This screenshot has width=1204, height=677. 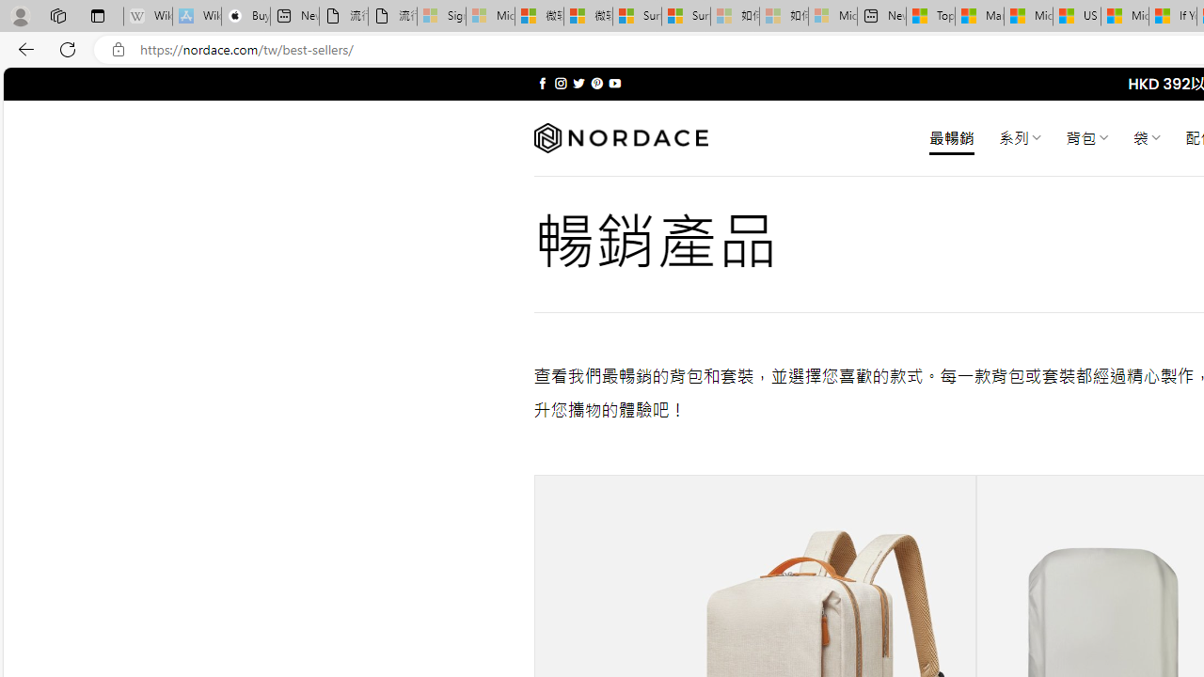 I want to click on 'Marine life - MSN', so click(x=978, y=16).